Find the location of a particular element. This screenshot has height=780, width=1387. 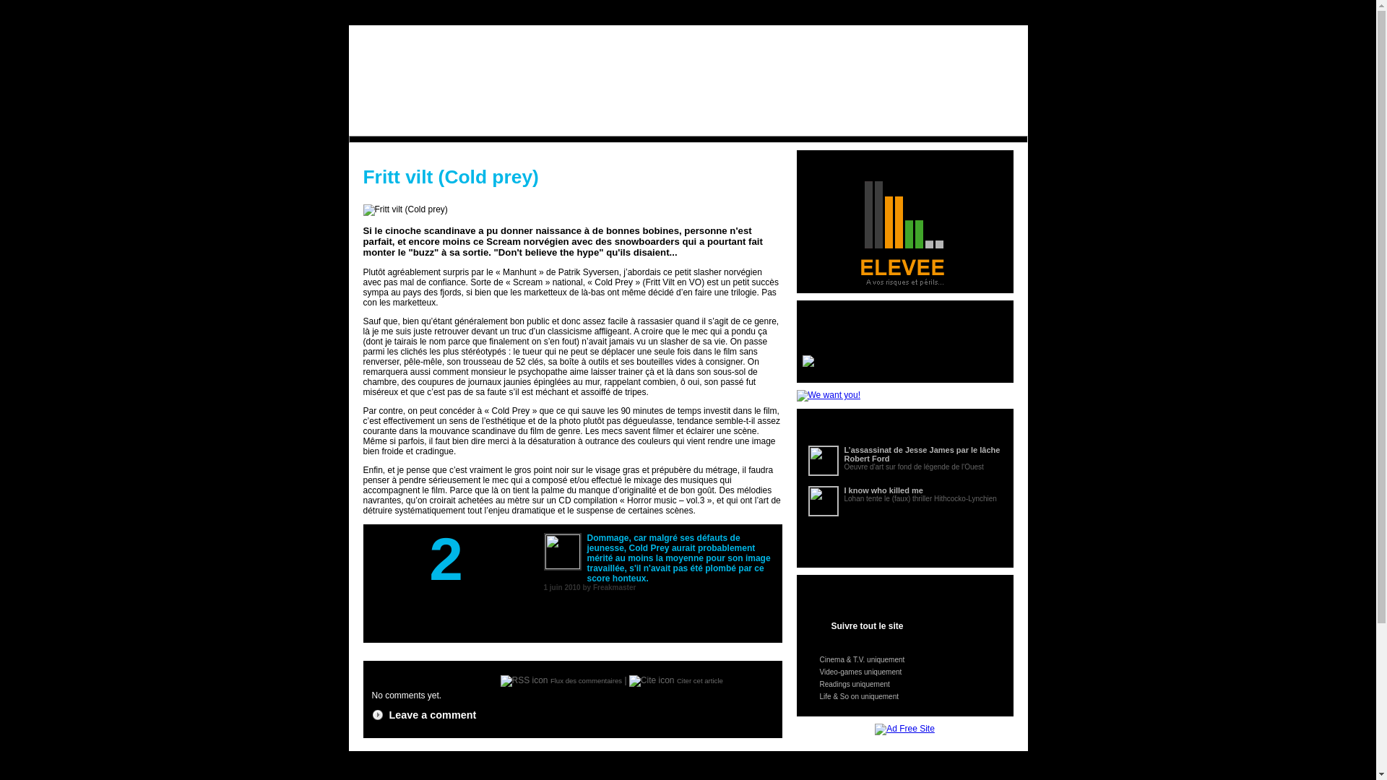

'Suivre tout le site' is located at coordinates (800, 626).